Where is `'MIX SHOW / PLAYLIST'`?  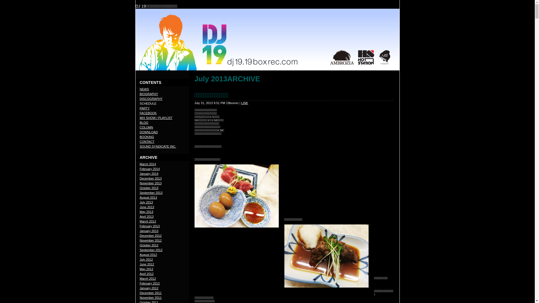
'MIX SHOW / PLAYLIST' is located at coordinates (156, 118).